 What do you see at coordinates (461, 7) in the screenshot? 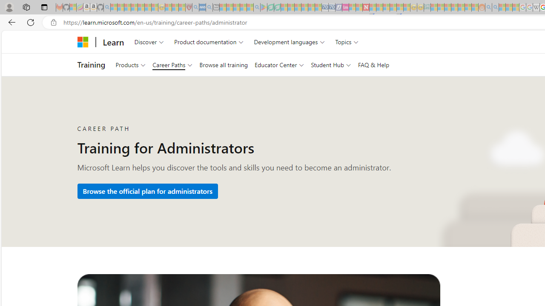
I see `'Kinda Frugal - MSN - Sleeping'` at bounding box center [461, 7].